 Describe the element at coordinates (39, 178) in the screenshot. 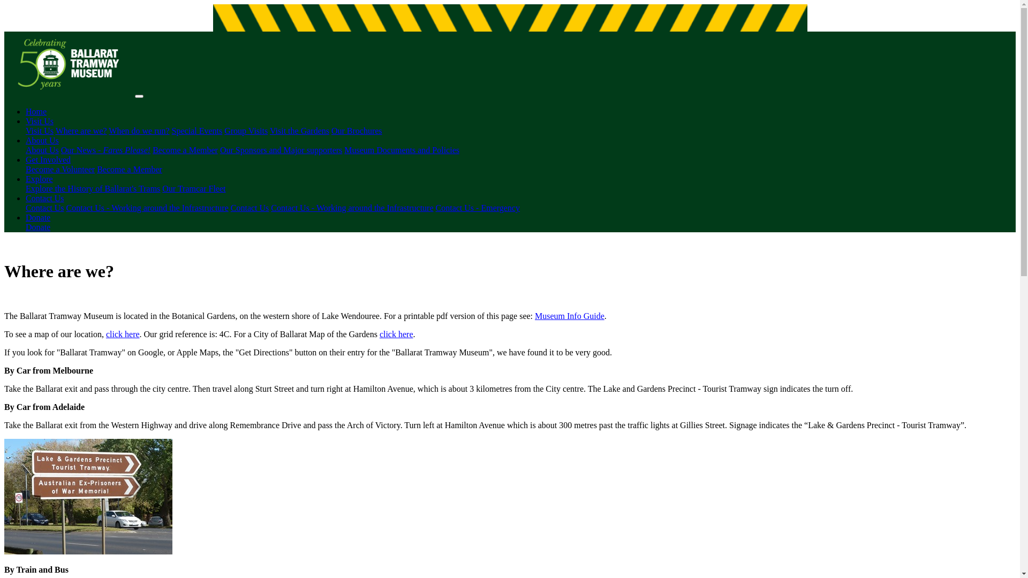

I see `'Explore'` at that location.